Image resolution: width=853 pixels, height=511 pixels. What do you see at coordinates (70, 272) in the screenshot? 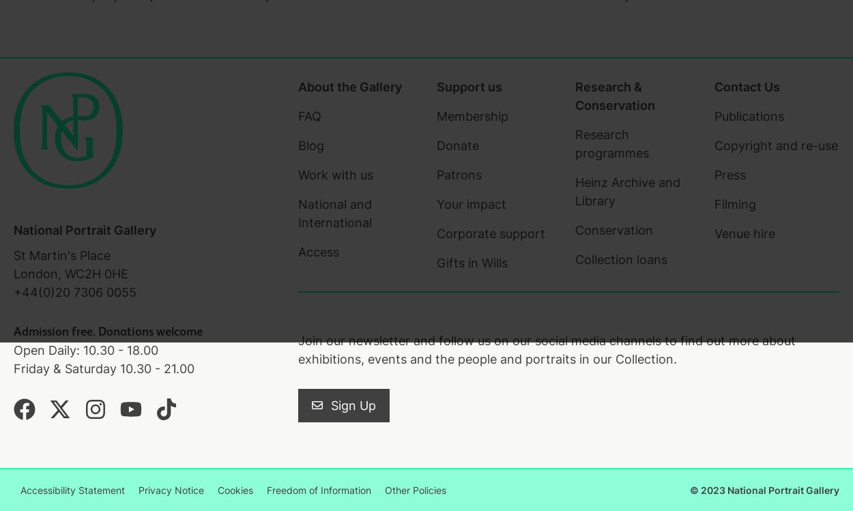
I see `'London, WC2H 0HE'` at bounding box center [70, 272].